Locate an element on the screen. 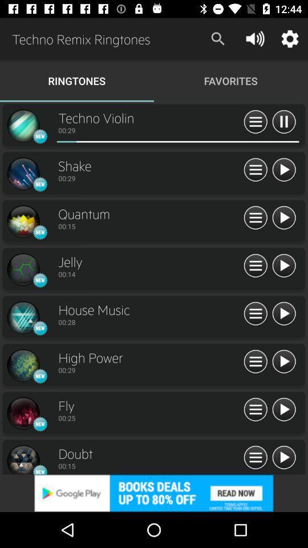 The image size is (308, 548). techno violin is located at coordinates (283, 458).